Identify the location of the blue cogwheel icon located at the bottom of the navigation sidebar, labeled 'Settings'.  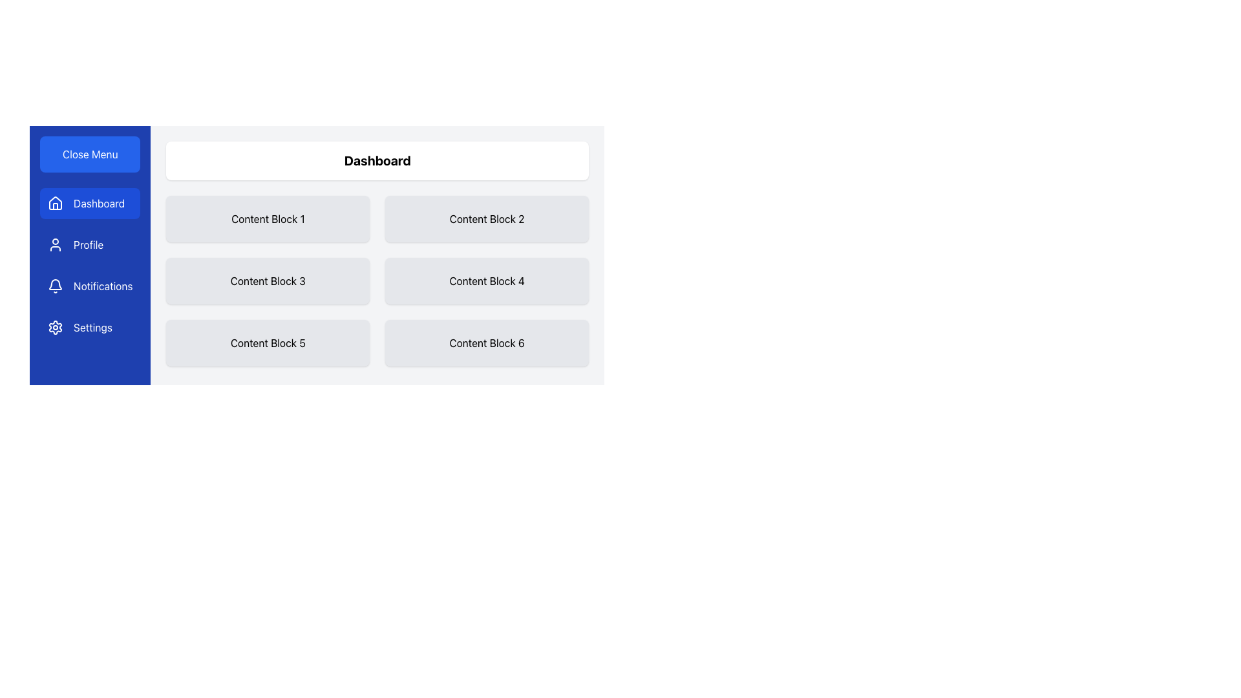
(55, 326).